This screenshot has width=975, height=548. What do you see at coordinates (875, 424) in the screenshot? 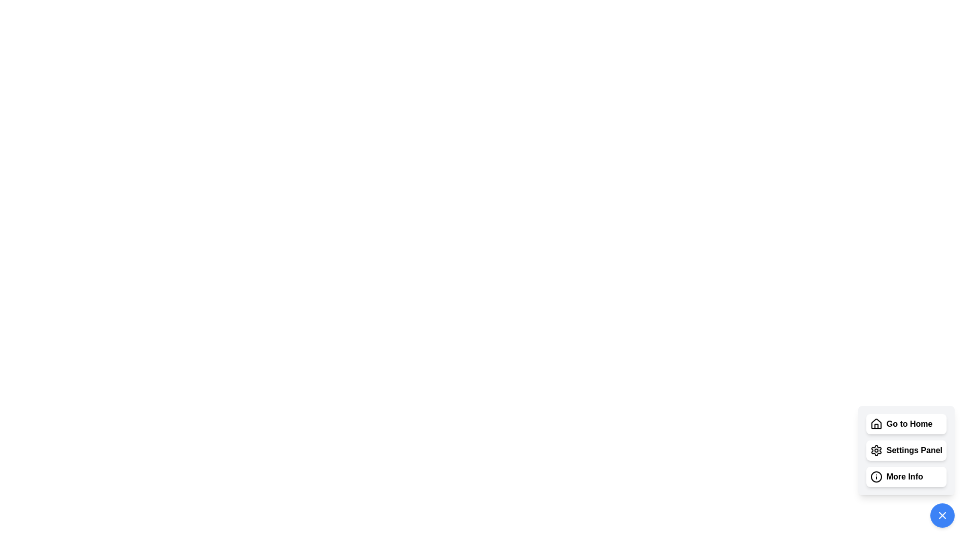
I see `the house icon within the 'Go to Home' button` at bounding box center [875, 424].